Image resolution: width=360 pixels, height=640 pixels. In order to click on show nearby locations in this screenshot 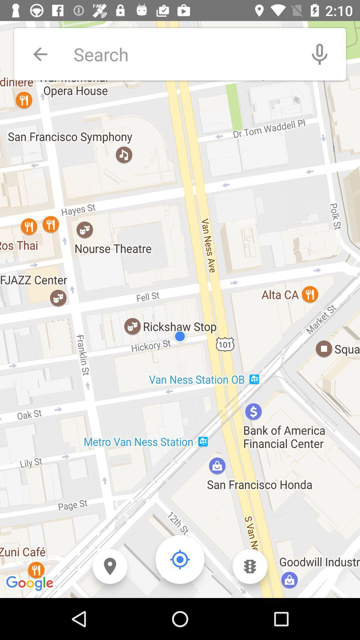, I will do `click(110, 566)`.